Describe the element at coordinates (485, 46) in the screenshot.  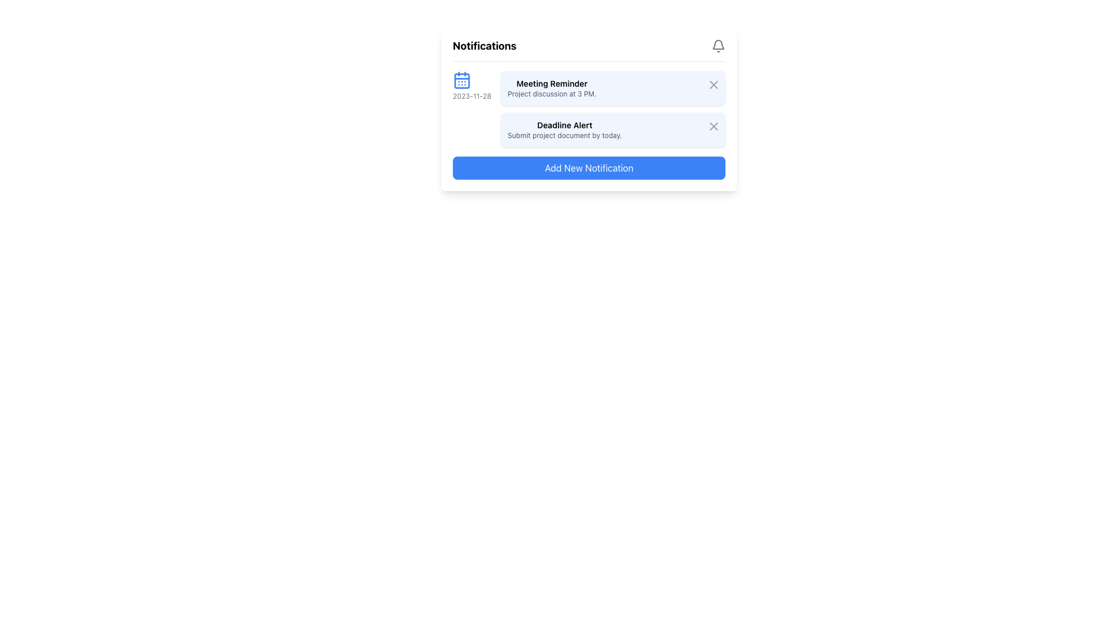
I see `the text label that serves as the title of the notification panel, located on the left side of the panel header next to the bell icon` at that location.